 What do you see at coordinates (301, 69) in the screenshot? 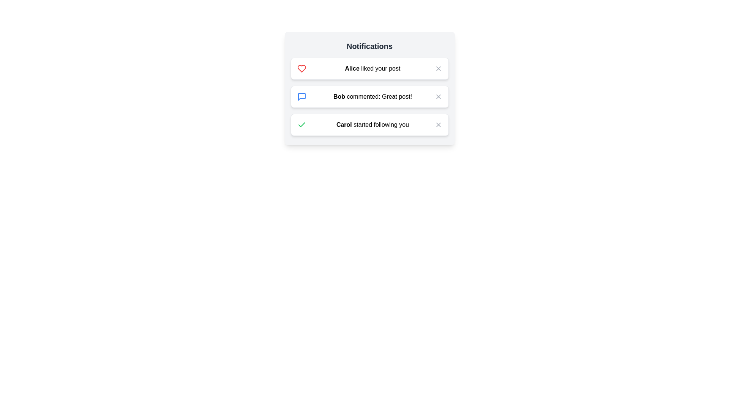
I see `'like' icon located at the top-left corner of the 'Alice liked your post' notification card, positioned to the left of the notification text` at bounding box center [301, 69].